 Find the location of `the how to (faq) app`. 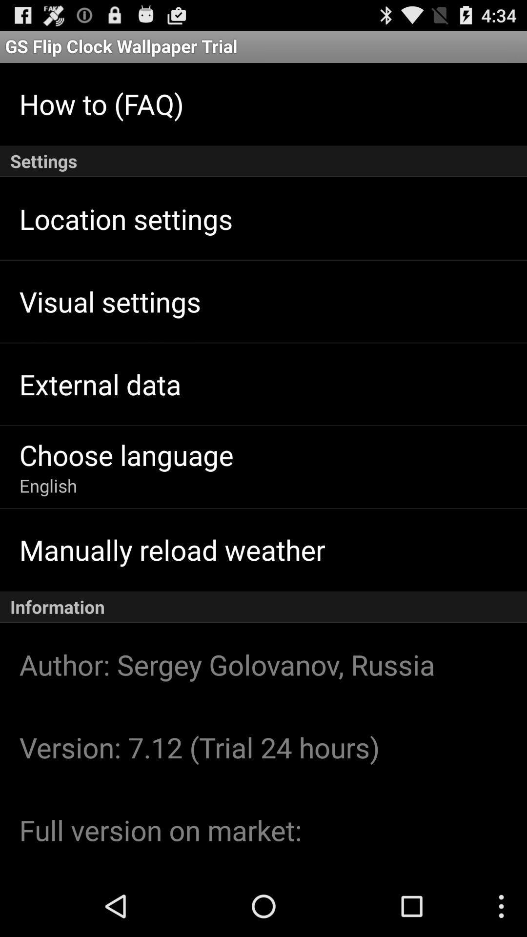

the how to (faq) app is located at coordinates (101, 103).